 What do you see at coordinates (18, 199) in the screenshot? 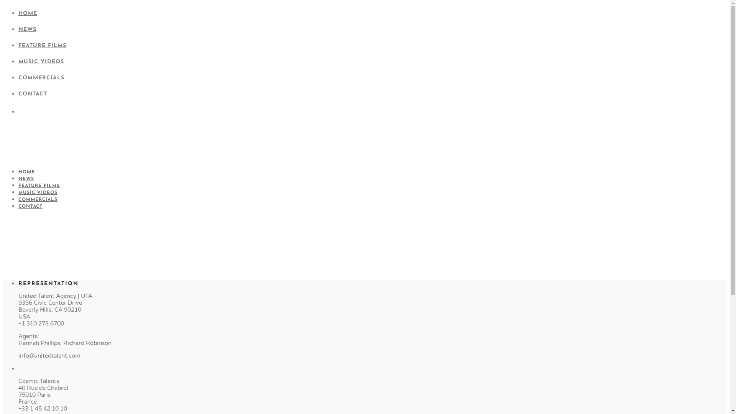
I see `'COMMERCIALS'` at bounding box center [18, 199].